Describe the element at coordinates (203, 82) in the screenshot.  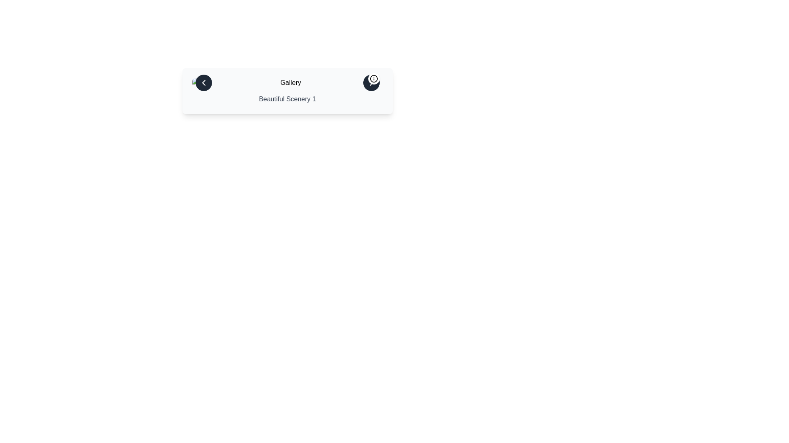
I see `the left backward navigation button in the gallery` at that location.